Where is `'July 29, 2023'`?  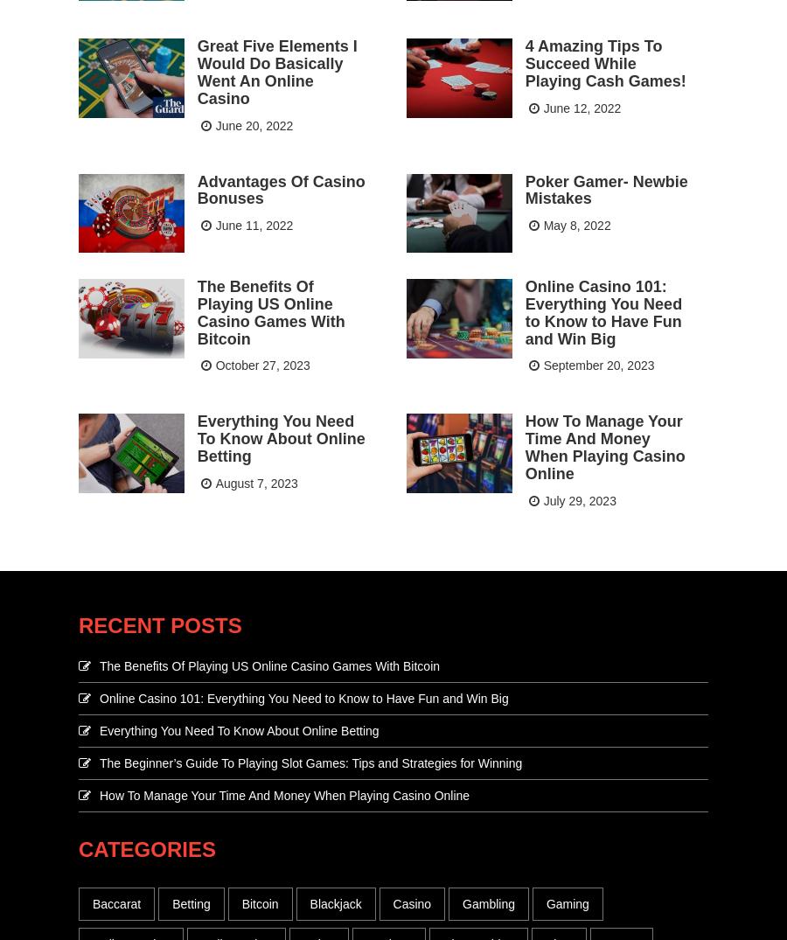
'July 29, 2023' is located at coordinates (579, 499).